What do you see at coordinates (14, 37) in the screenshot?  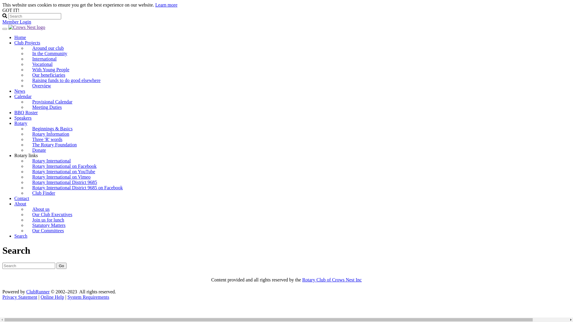 I see `'Home'` at bounding box center [14, 37].